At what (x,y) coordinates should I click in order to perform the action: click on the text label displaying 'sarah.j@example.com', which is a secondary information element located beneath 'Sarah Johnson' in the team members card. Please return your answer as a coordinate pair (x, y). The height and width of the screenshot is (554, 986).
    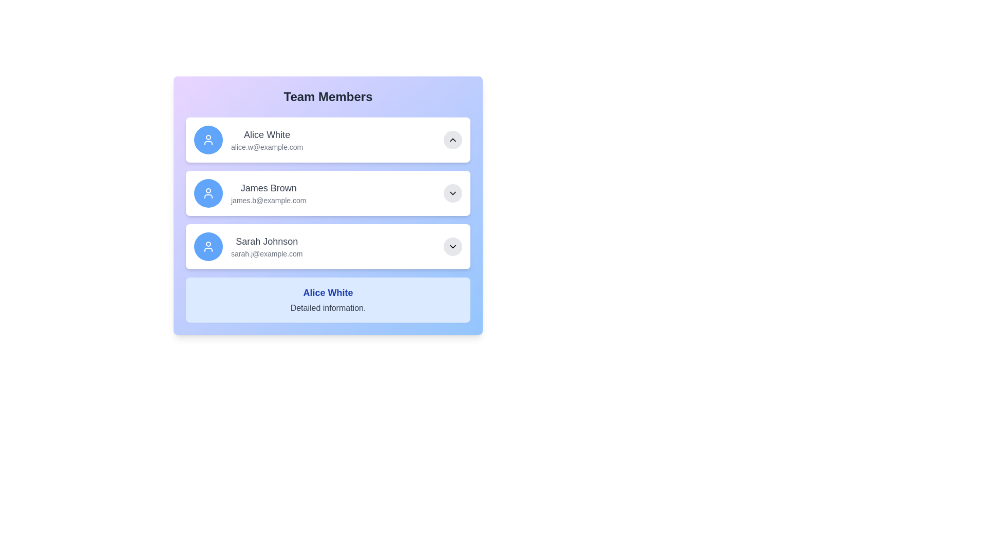
    Looking at the image, I should click on (267, 253).